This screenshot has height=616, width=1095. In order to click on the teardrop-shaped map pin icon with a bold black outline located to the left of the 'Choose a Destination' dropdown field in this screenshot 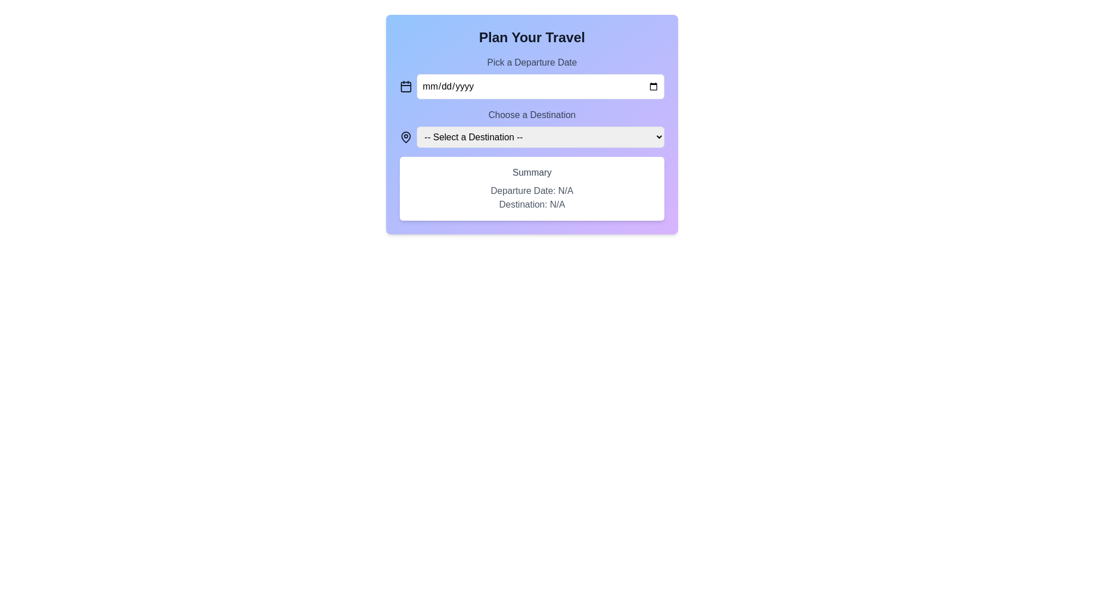, I will do `click(406, 136)`.